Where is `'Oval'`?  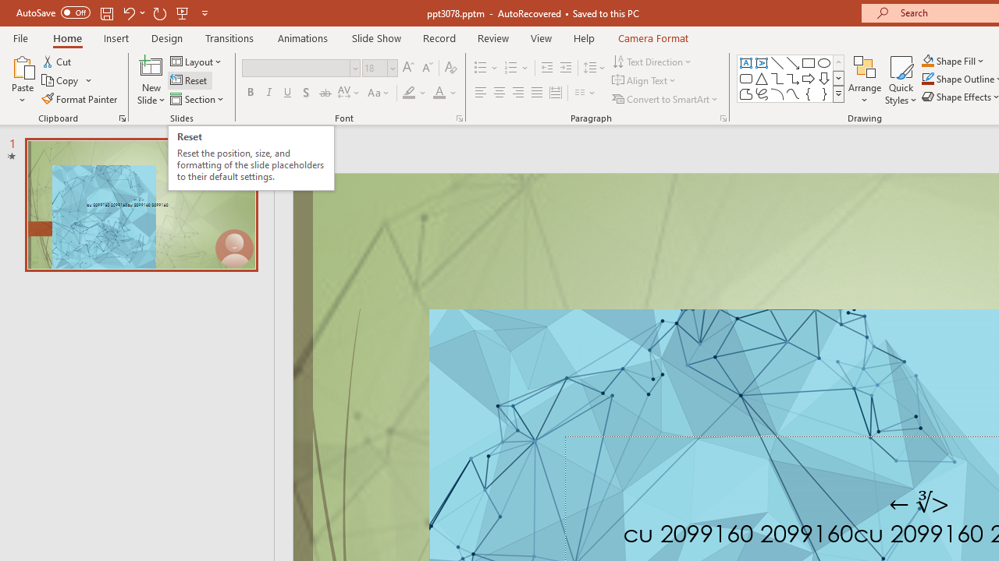 'Oval' is located at coordinates (823, 62).